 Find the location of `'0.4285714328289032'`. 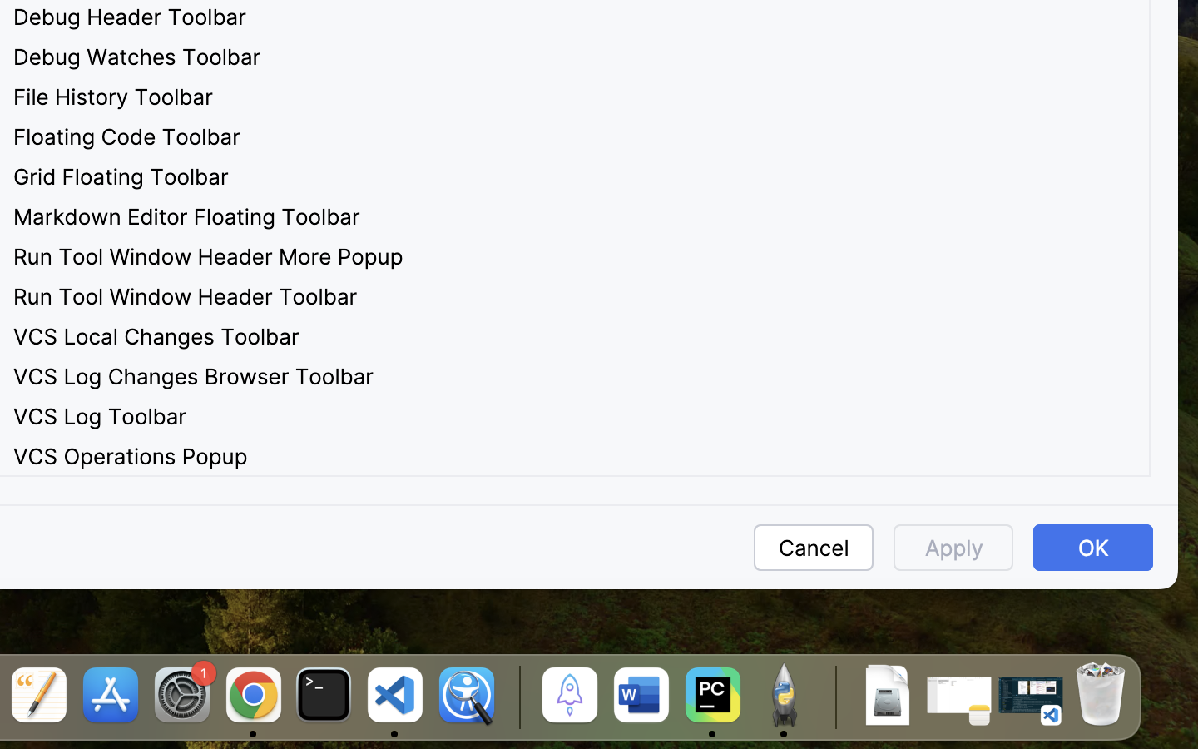

'0.4285714328289032' is located at coordinates (516, 697).